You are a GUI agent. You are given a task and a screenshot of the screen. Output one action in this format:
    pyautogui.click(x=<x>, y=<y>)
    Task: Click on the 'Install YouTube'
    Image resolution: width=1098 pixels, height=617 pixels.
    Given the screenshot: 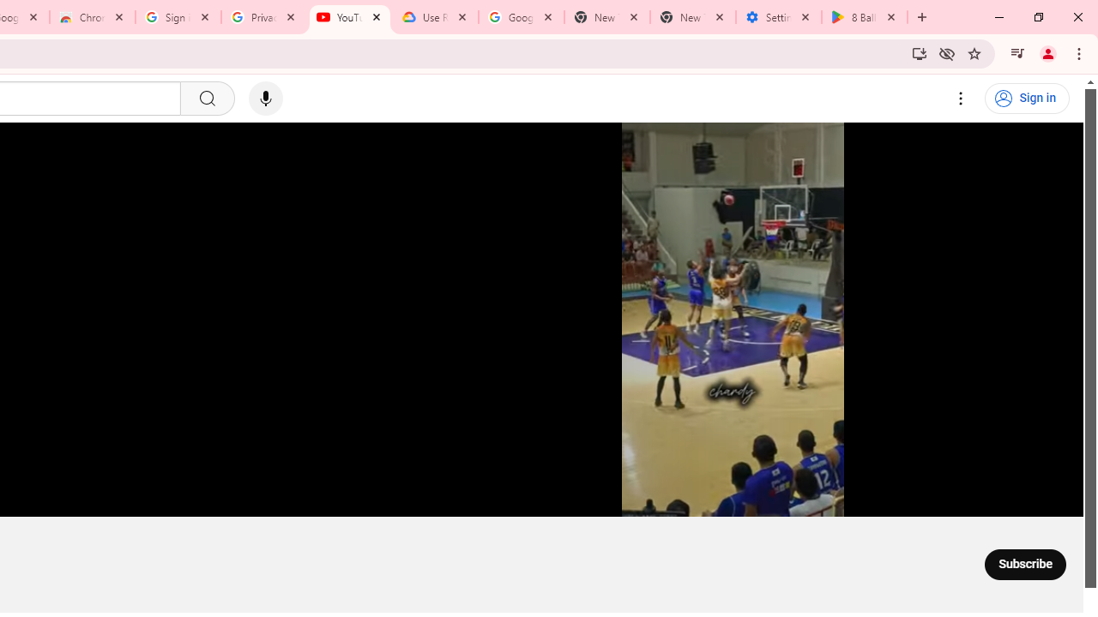 What is the action you would take?
    pyautogui.click(x=919, y=52)
    